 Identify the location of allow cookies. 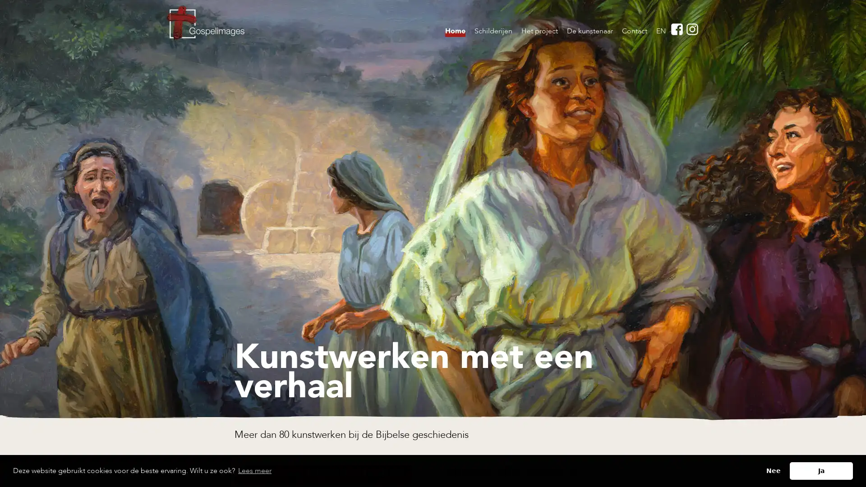
(821, 470).